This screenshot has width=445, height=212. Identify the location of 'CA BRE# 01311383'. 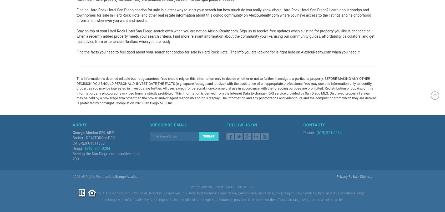
(88, 143).